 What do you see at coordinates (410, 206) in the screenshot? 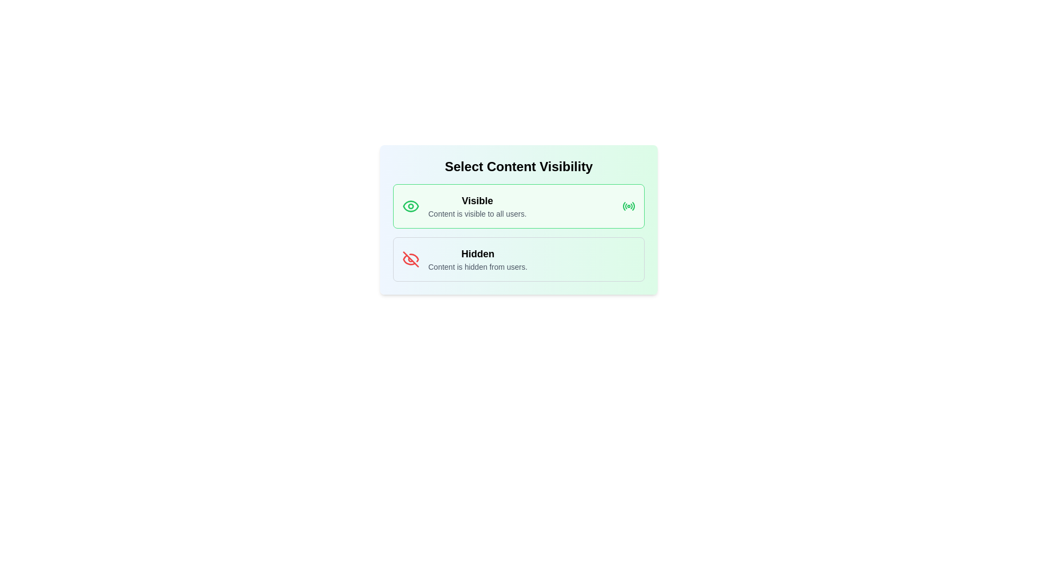
I see `the green eye icon located at the top-left corner of the first option box in the 'Select Content Visibility' interface, which is accompanied by the 'Visible' label` at bounding box center [410, 206].